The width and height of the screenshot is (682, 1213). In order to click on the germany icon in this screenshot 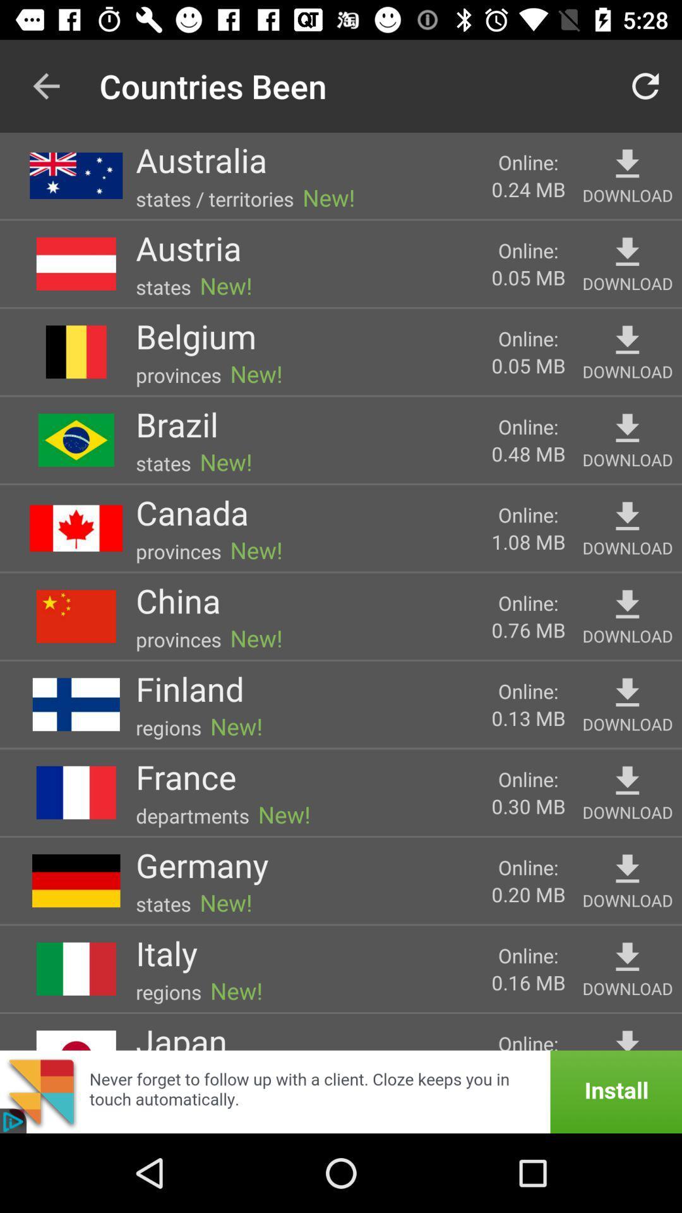, I will do `click(201, 864)`.